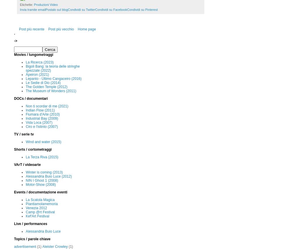 The height and width of the screenshot is (249, 295). Describe the element at coordinates (25, 176) in the screenshot. I see `'Alessandria Buio Luce (2012)'` at that location.